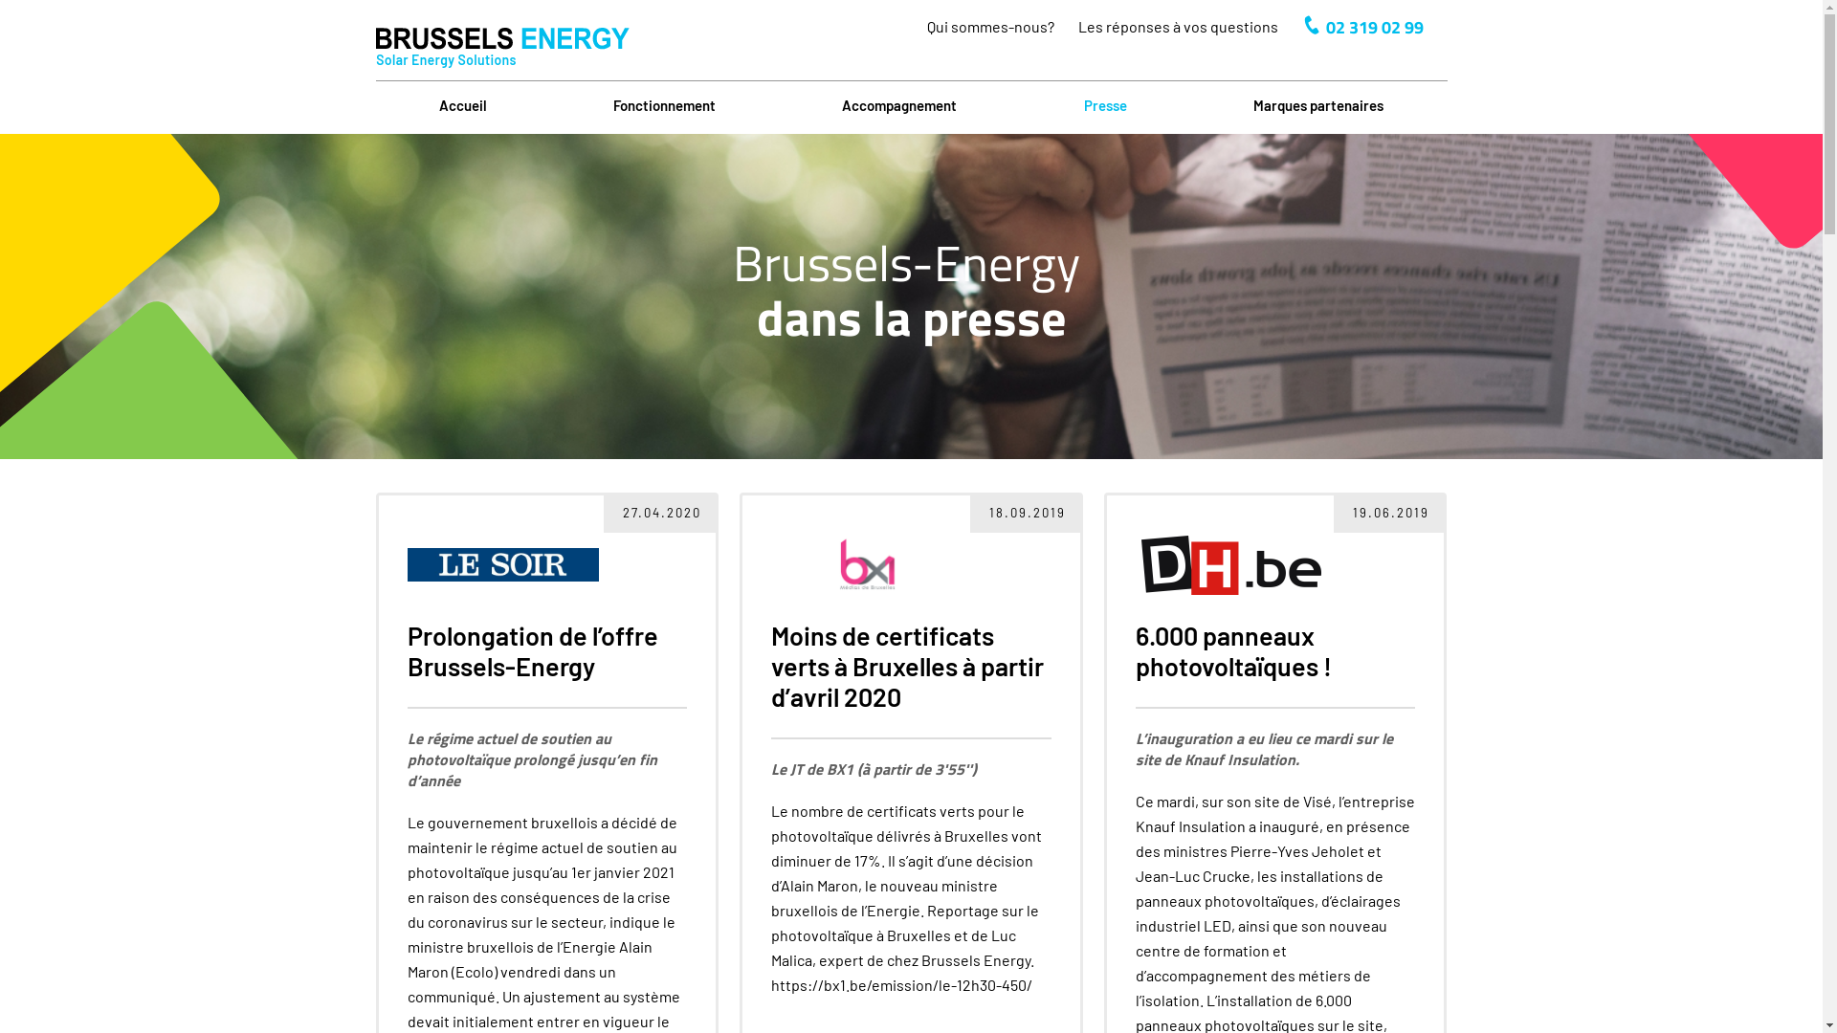  What do you see at coordinates (1317, 105) in the screenshot?
I see `'Marques partenaires'` at bounding box center [1317, 105].